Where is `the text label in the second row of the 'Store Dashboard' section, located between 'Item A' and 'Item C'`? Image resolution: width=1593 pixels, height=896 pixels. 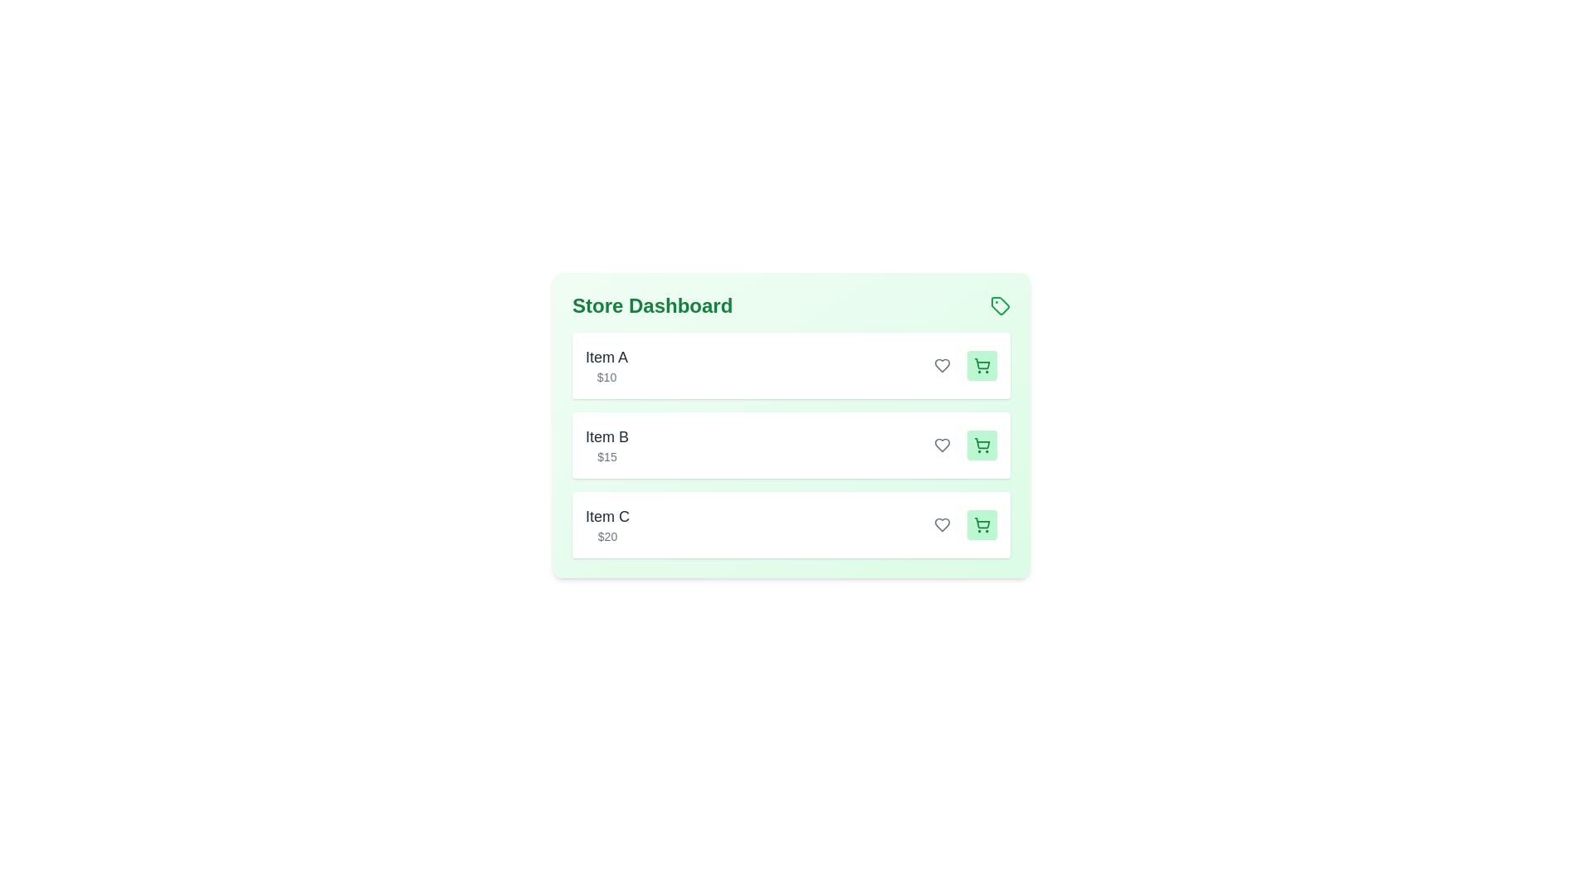 the text label in the second row of the 'Store Dashboard' section, located between 'Item A' and 'Item C' is located at coordinates (607, 436).